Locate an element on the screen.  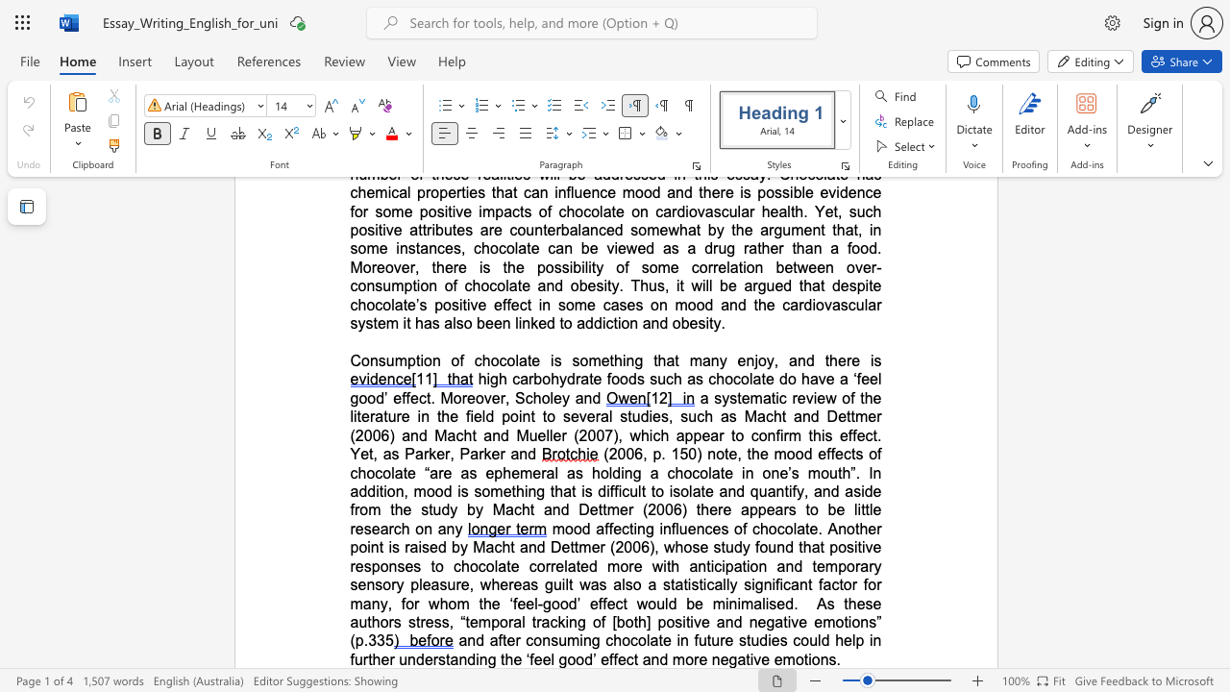
the subset text "consuming chocolate in future studies could help in further understanding the ‘feel good’ effect and more negative em" within the text "and after consuming chocolate in future studies could help in further understanding the ‘feel good’ effect and more negative emotions." is located at coordinates (526, 640).